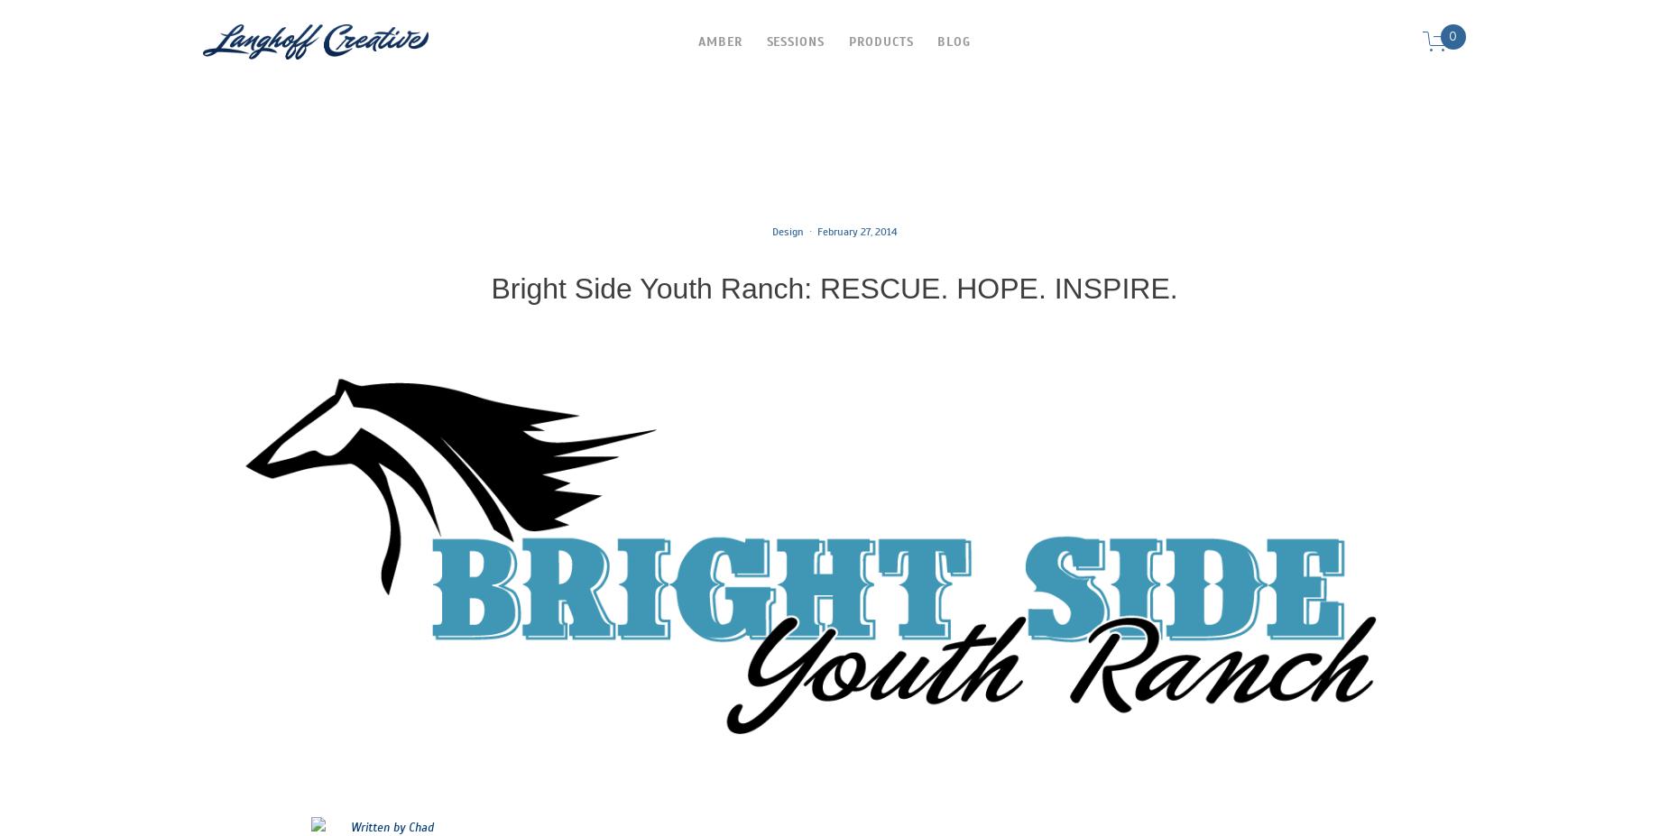 This screenshot has height=836, width=1669. I want to click on 'Design', so click(788, 231).